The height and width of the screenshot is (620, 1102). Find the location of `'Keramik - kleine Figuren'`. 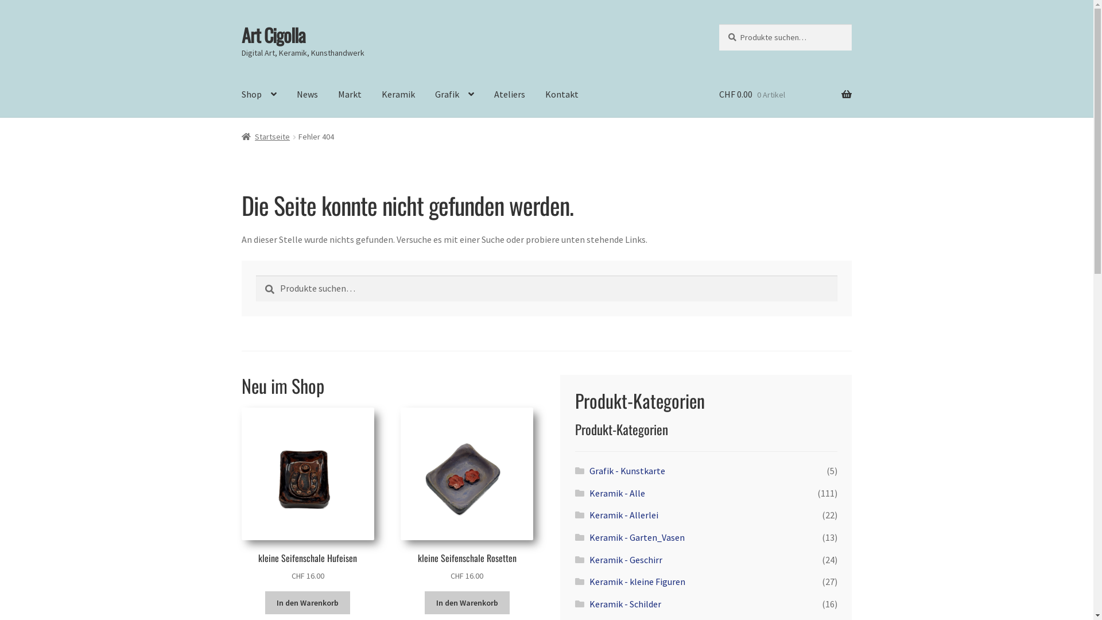

'Keramik - kleine Figuren' is located at coordinates (637, 582).